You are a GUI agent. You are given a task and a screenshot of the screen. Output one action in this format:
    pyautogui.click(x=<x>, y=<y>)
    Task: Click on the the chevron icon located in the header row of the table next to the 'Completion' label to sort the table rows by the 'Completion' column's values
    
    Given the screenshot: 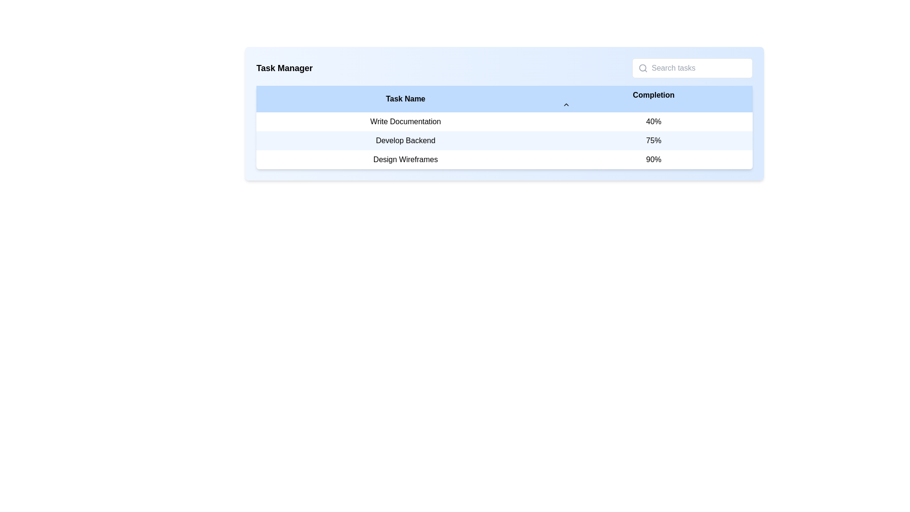 What is the action you would take?
    pyautogui.click(x=566, y=104)
    